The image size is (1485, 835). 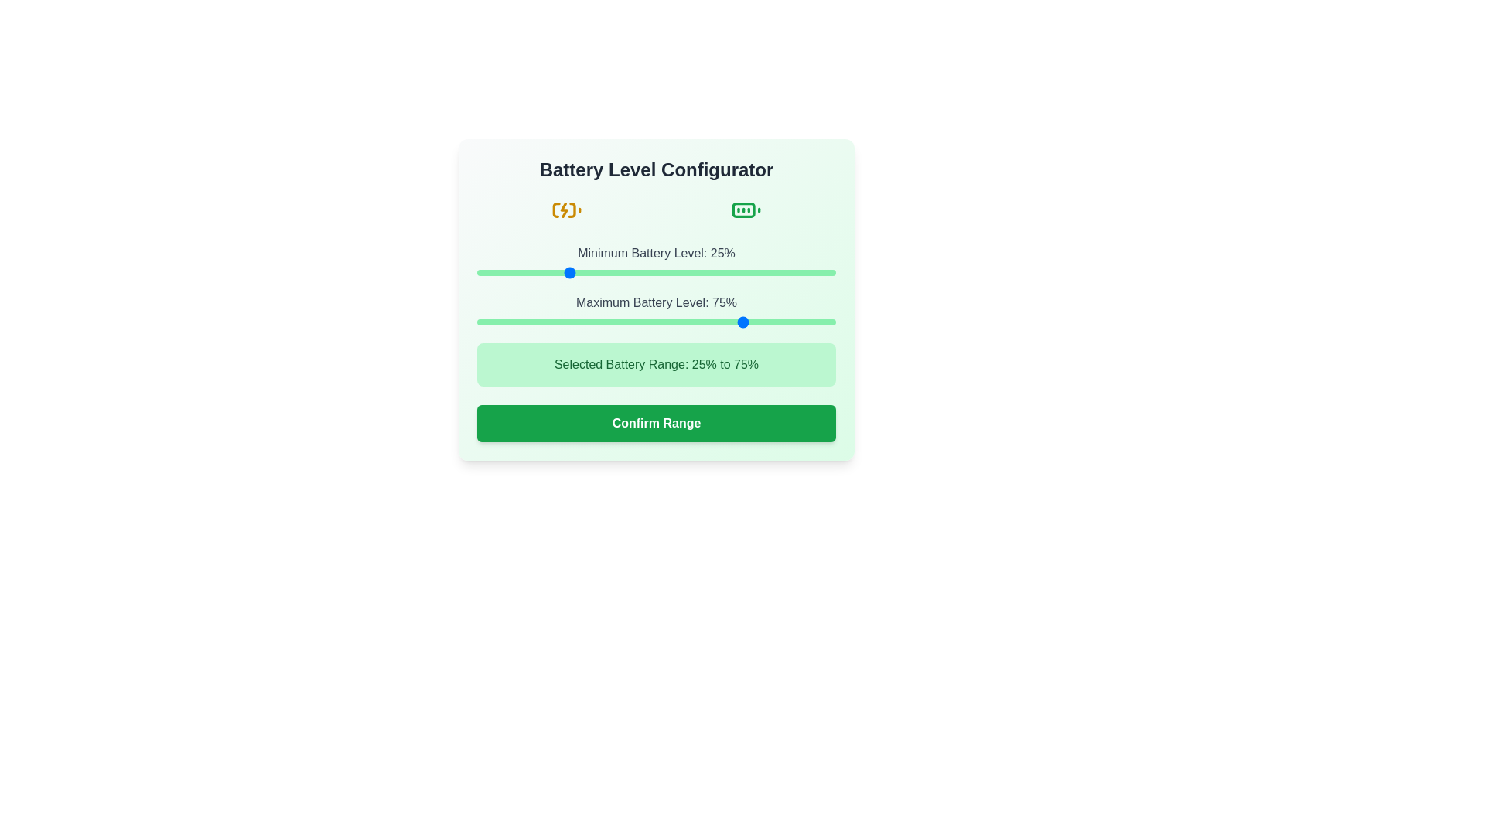 I want to click on the maximum battery level, so click(x=616, y=321).